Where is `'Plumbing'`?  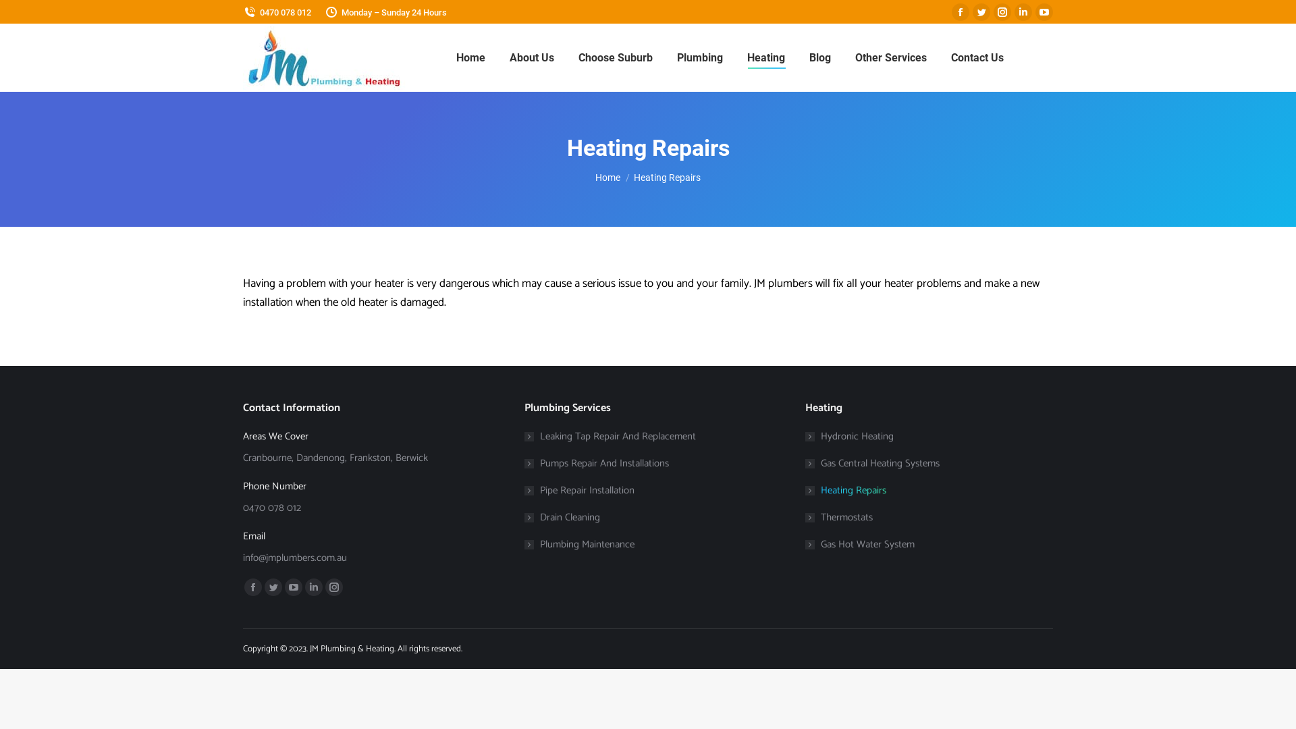
'Plumbing' is located at coordinates (699, 57).